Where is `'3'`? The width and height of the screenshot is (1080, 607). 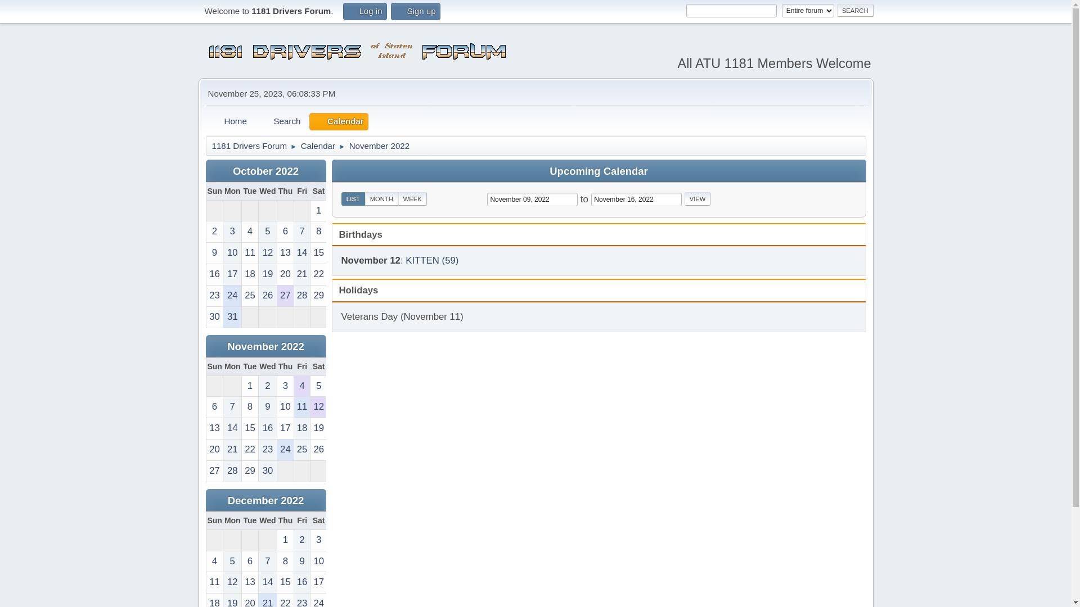 '3' is located at coordinates (285, 386).